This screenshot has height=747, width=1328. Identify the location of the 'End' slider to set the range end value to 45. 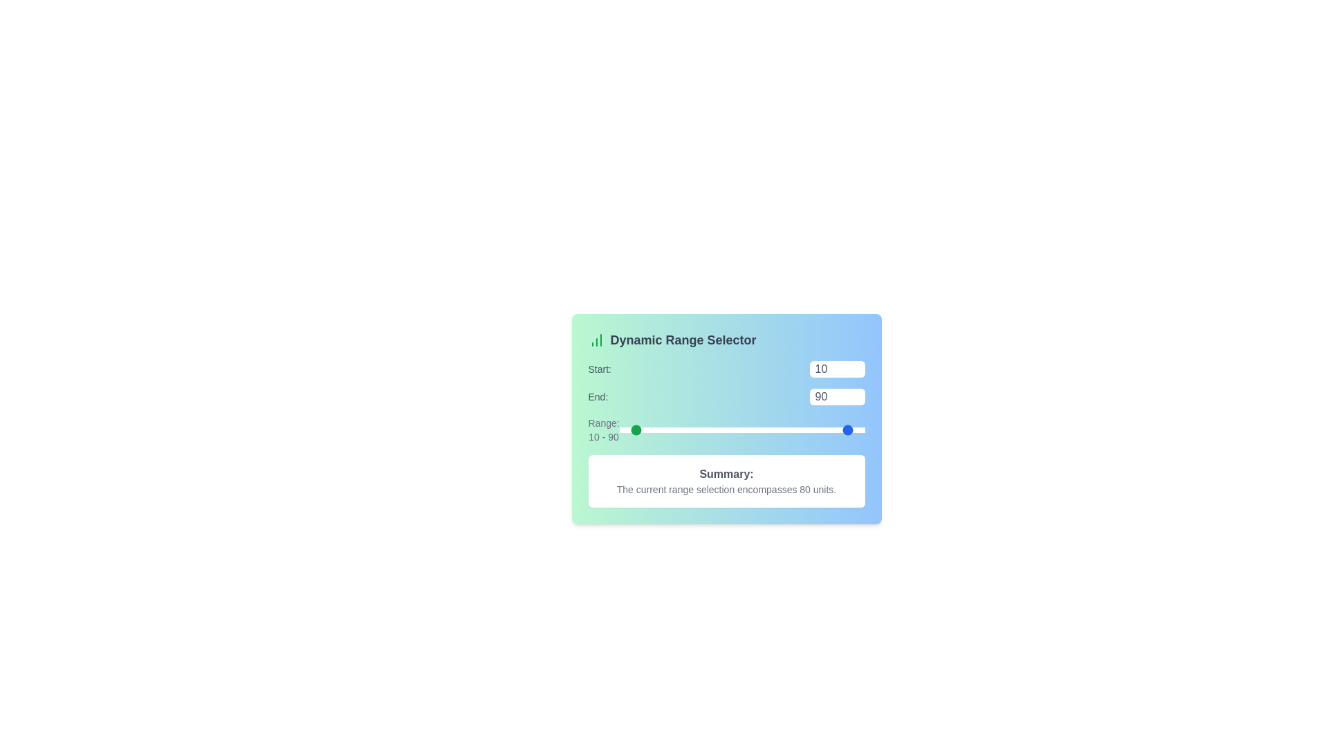
(797, 429).